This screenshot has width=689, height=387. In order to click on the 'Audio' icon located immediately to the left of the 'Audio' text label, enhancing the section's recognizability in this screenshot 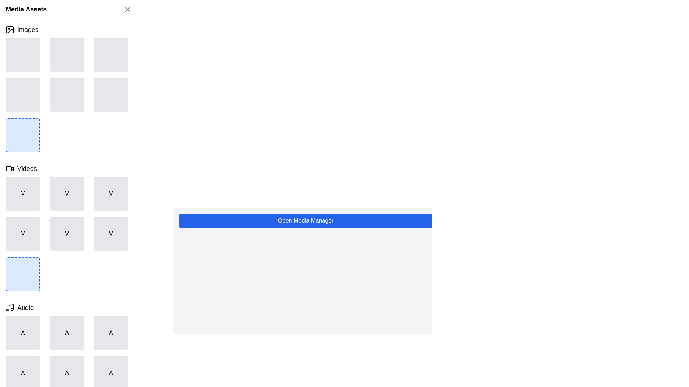, I will do `click(10, 307)`.